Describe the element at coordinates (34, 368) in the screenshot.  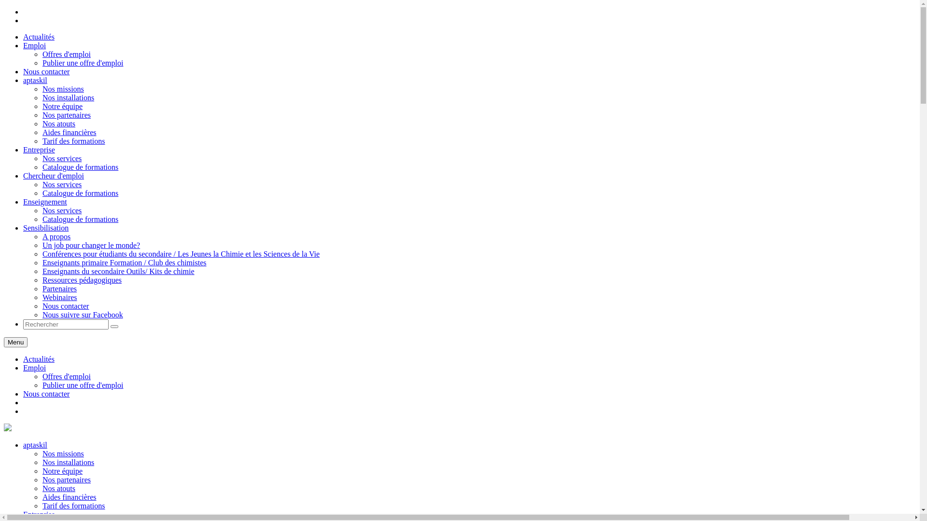
I see `'Emploi'` at that location.